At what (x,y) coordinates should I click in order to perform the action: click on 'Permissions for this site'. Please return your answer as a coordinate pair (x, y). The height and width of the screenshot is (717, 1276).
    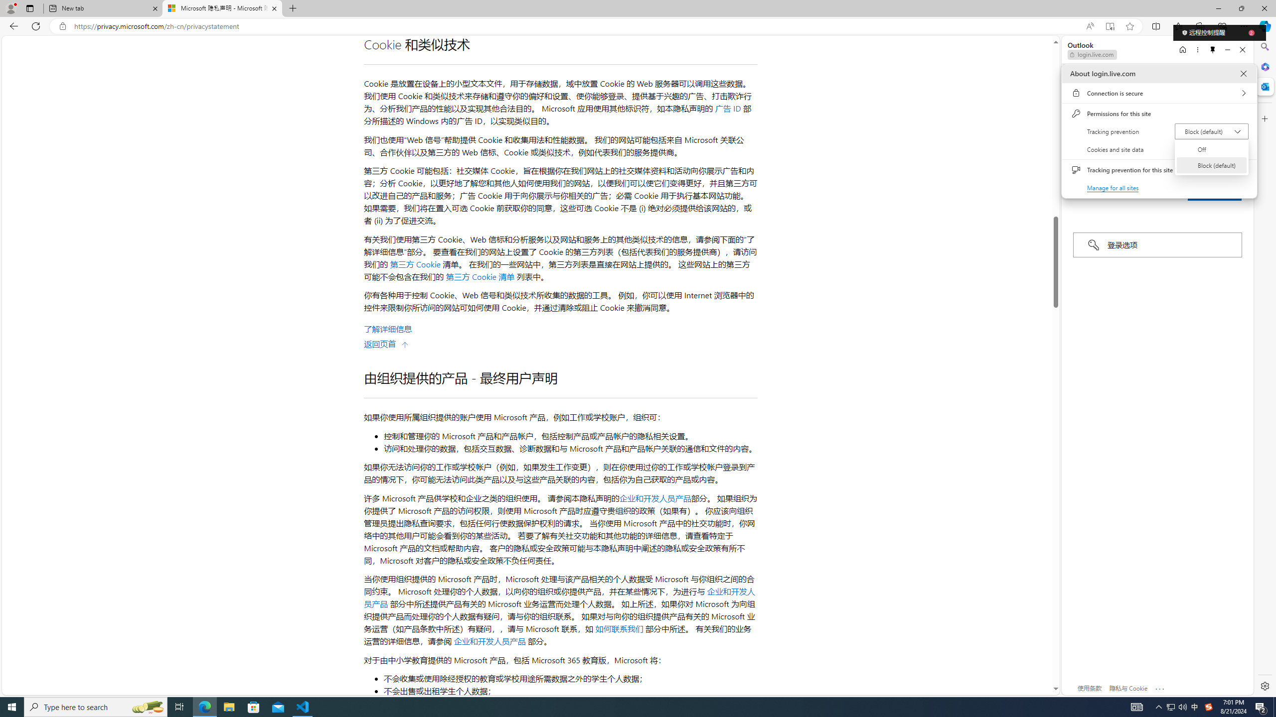
    Looking at the image, I should click on (1158, 113).